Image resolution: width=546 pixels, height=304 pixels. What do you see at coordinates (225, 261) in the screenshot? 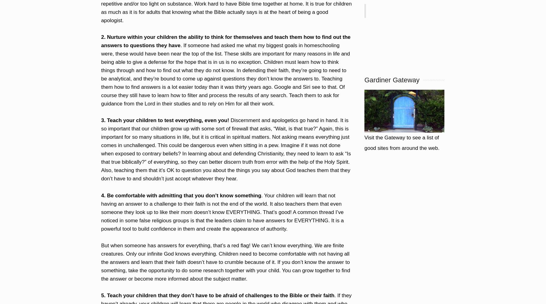
I see `'But when someone has answers for everything, that’s a red flag! We can’t know everything. We are finite creatures. Only our infinite God knows everything. Children need to become comfortable with not having all the answers and learn that their faith doesn’t have to crumble because of it. If you don’t know the answer to something, take the opportunity to do some research together with your child. You can grow together to find the answer or become more informed about the subject matter.'` at bounding box center [225, 261].